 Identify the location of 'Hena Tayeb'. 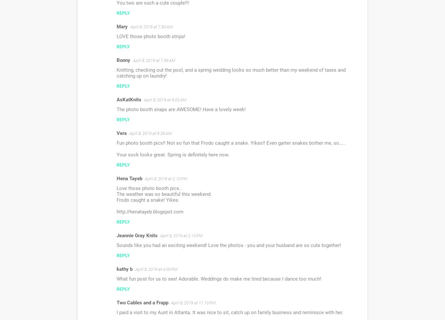
(129, 178).